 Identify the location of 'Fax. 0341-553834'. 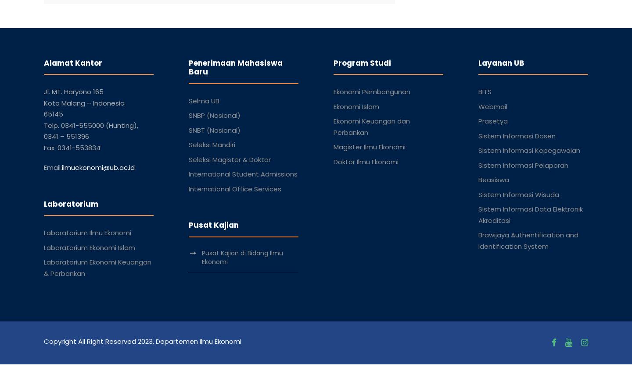
(72, 147).